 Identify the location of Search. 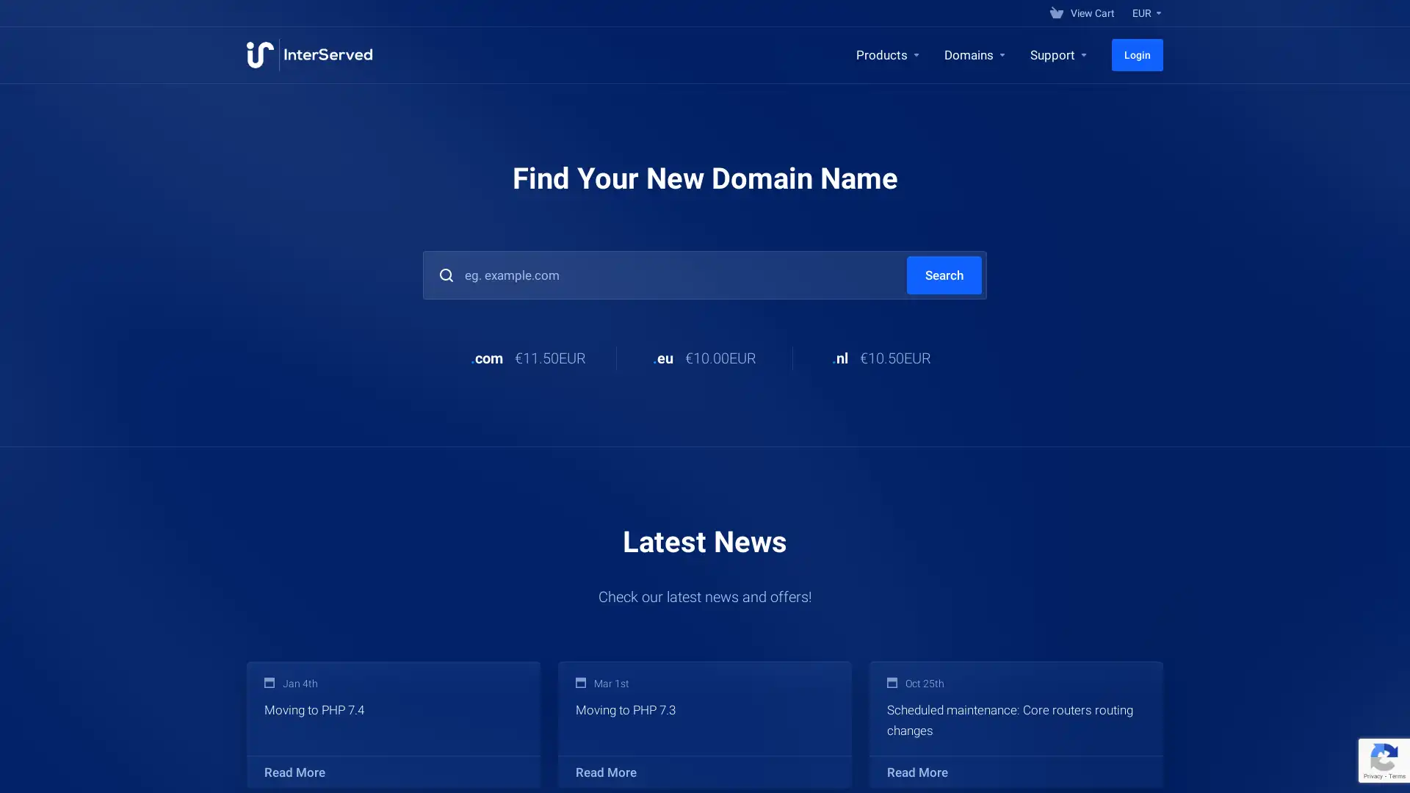
(944, 275).